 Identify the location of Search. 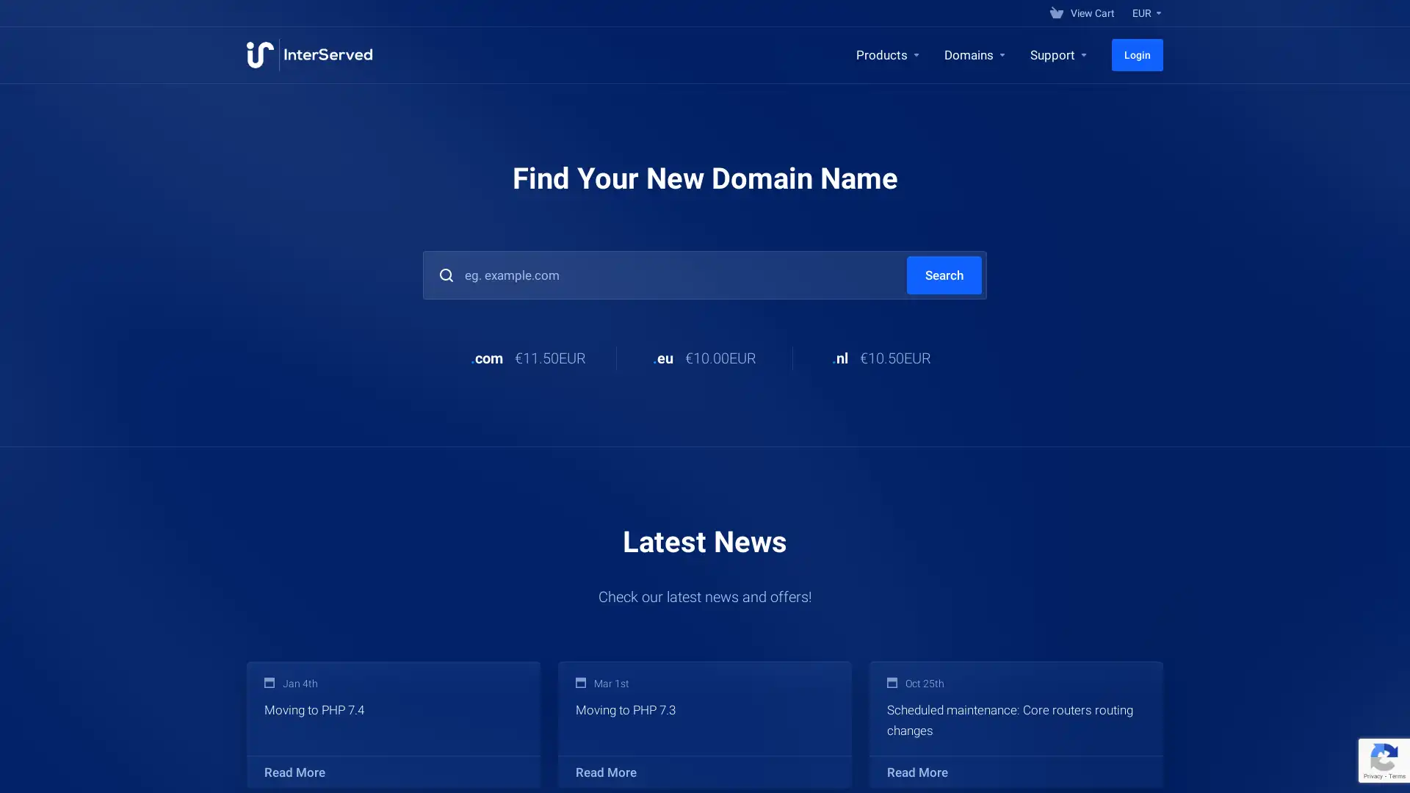
(944, 275).